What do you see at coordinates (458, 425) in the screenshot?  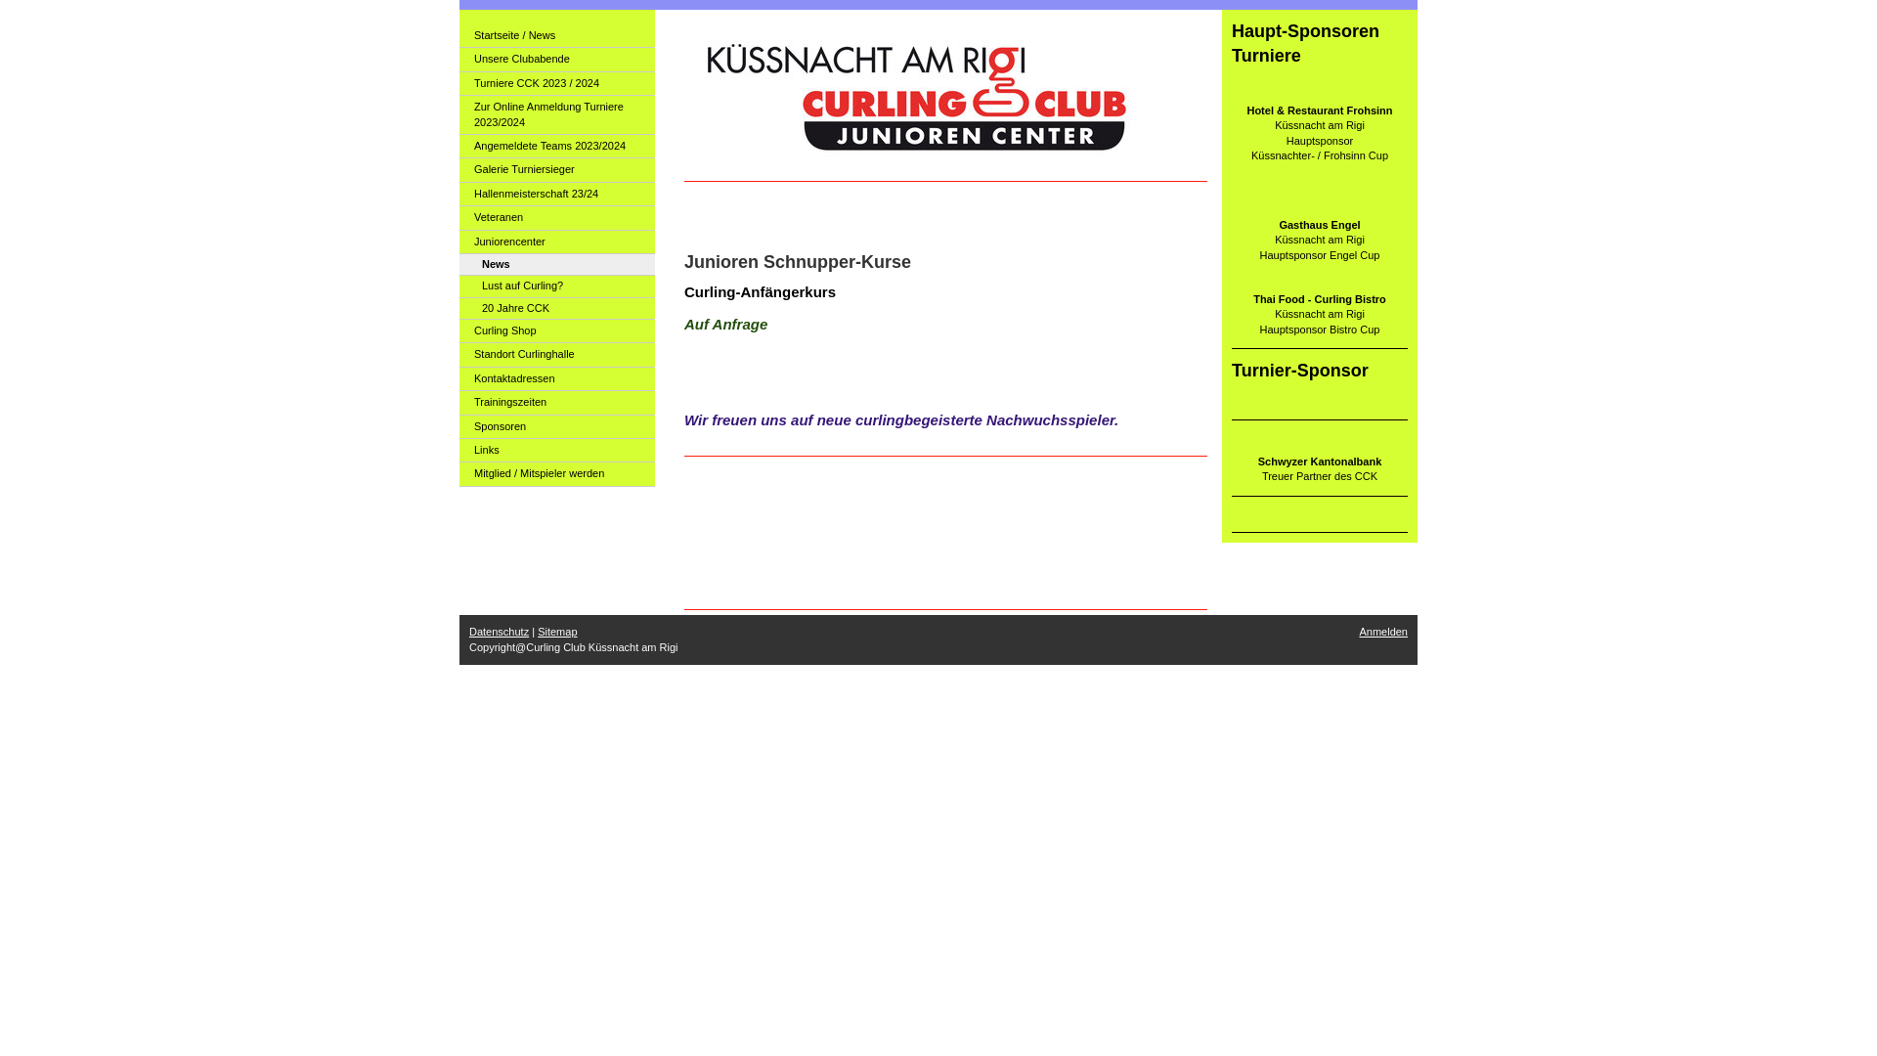 I see `'Sponsoren'` at bounding box center [458, 425].